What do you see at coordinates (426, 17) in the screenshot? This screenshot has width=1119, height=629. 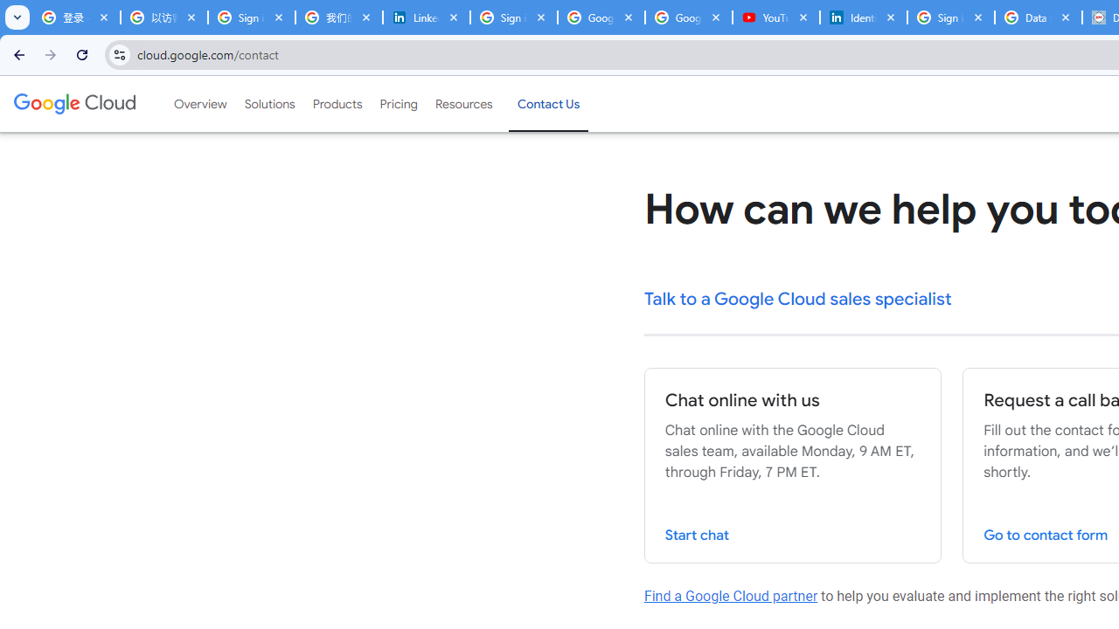 I see `'LinkedIn Privacy Policy'` at bounding box center [426, 17].